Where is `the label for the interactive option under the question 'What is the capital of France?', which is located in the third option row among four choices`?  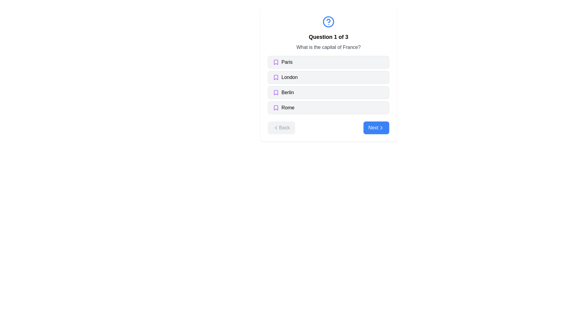 the label for the interactive option under the question 'What is the capital of France?', which is located in the third option row among four choices is located at coordinates (287, 92).